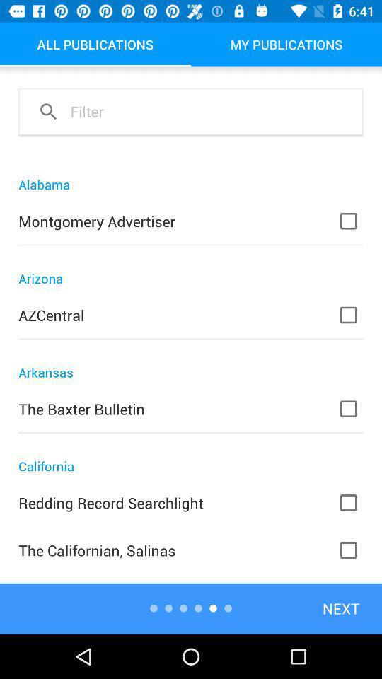  What do you see at coordinates (47, 110) in the screenshot?
I see `the search button` at bounding box center [47, 110].